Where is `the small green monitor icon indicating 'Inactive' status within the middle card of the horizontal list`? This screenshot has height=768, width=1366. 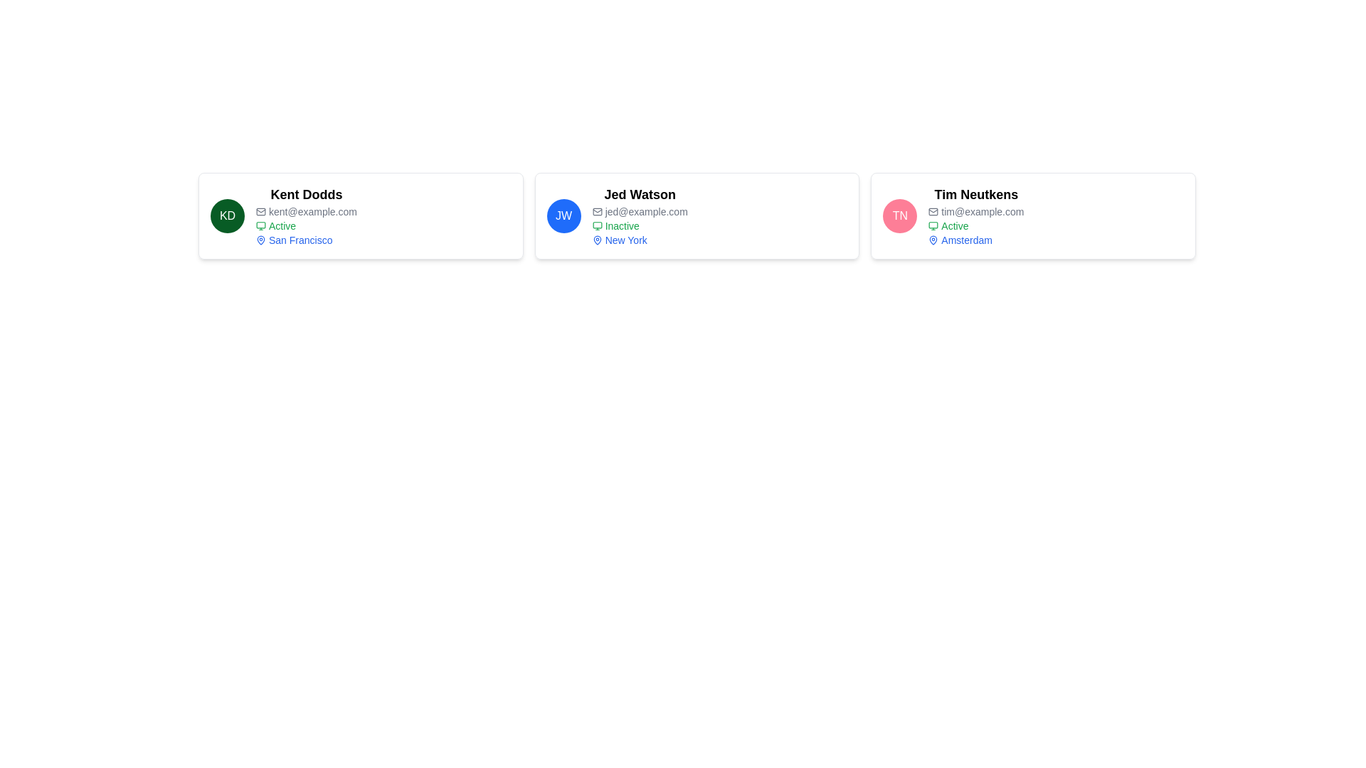 the small green monitor icon indicating 'Inactive' status within the middle card of the horizontal list is located at coordinates (597, 225).